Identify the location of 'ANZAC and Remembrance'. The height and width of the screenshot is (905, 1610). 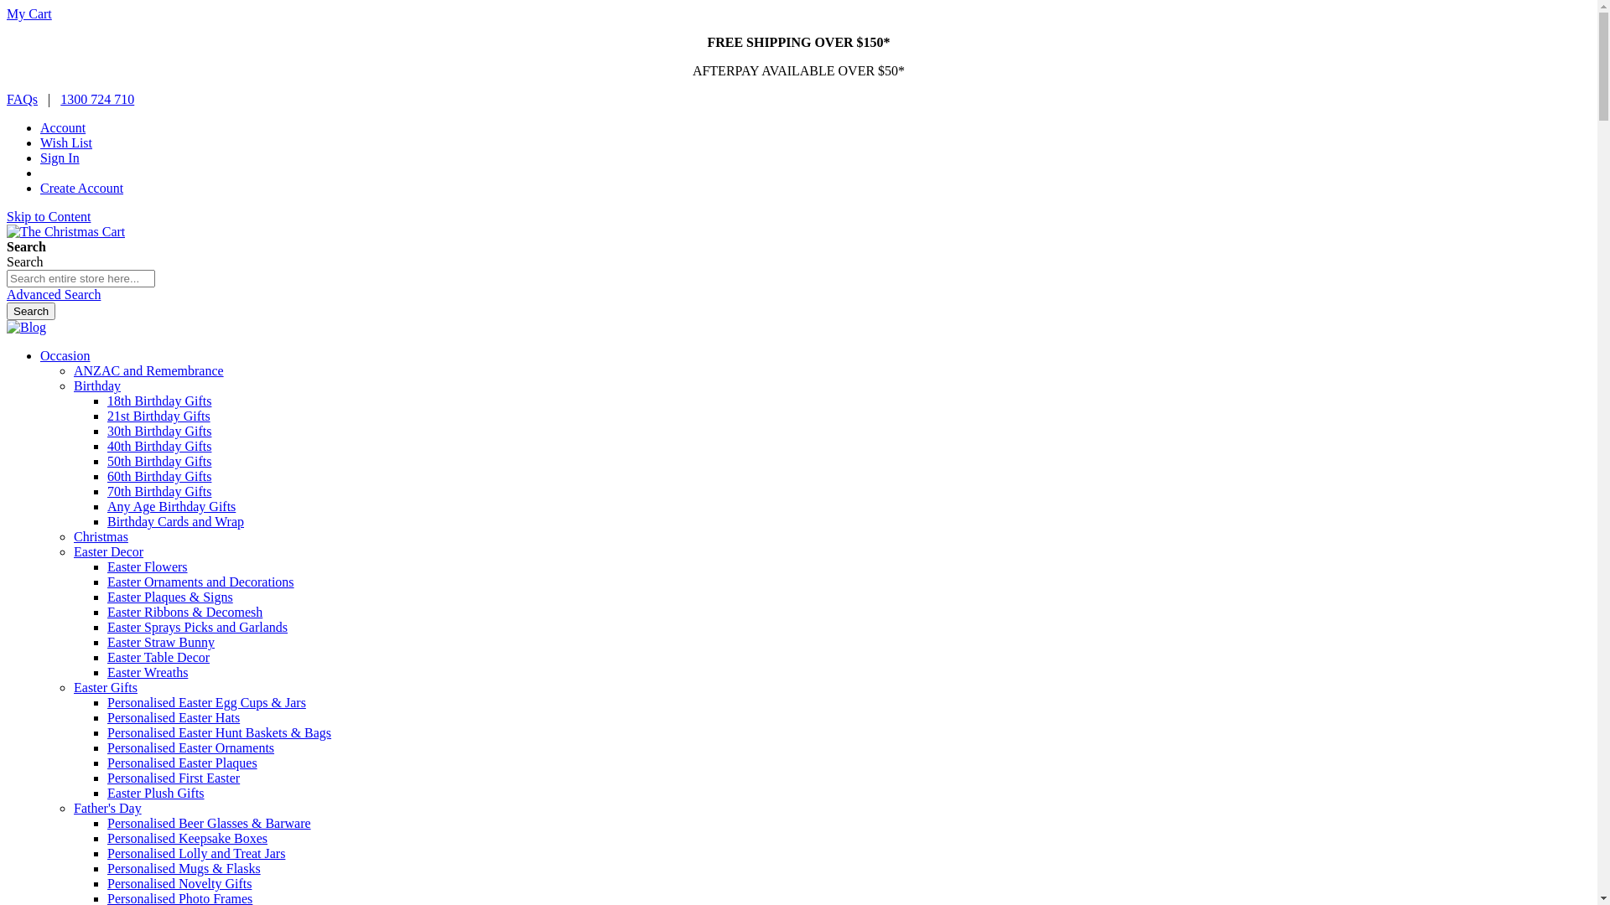
(148, 370).